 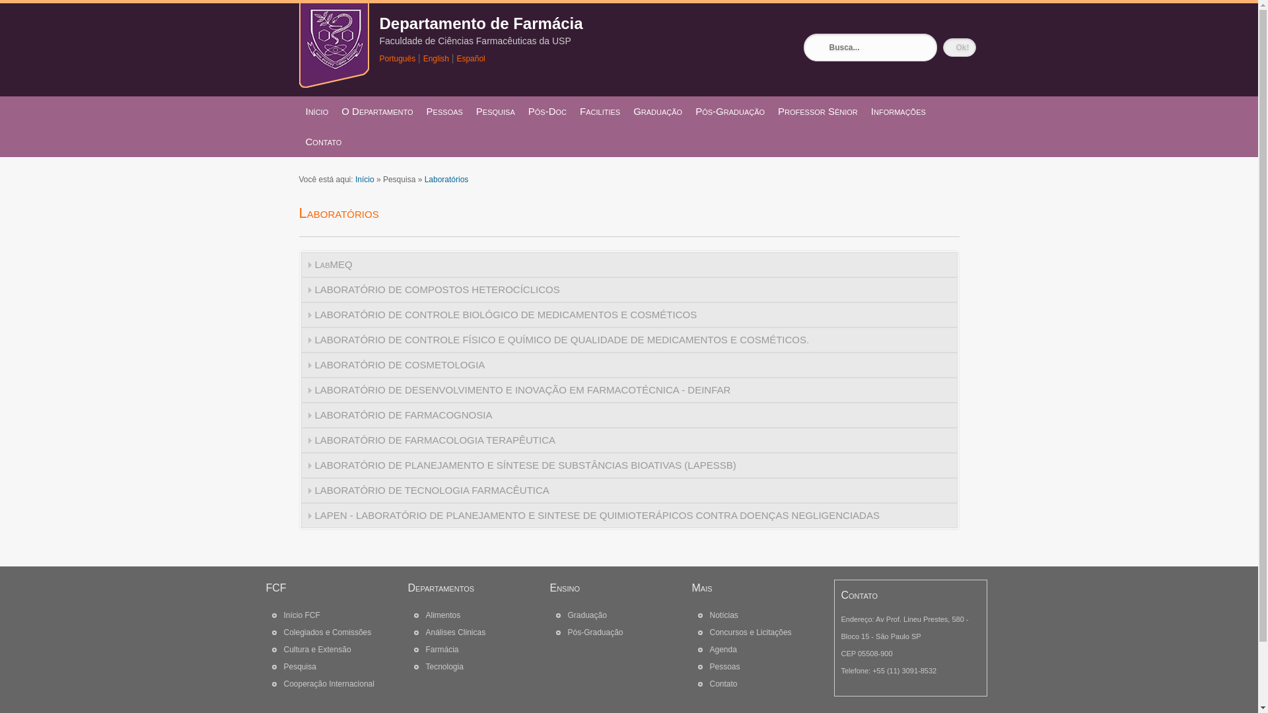 I want to click on 'LabMEQ', so click(x=629, y=265).